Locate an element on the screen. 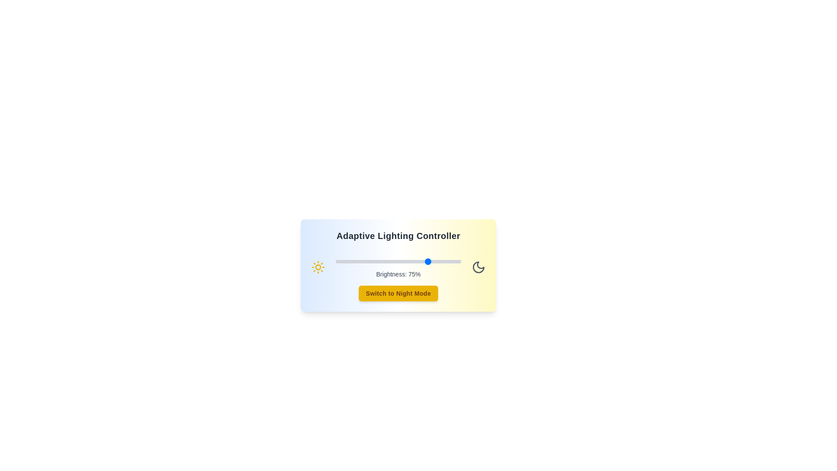 This screenshot has height=471, width=837. the brightness level is located at coordinates (429, 261).